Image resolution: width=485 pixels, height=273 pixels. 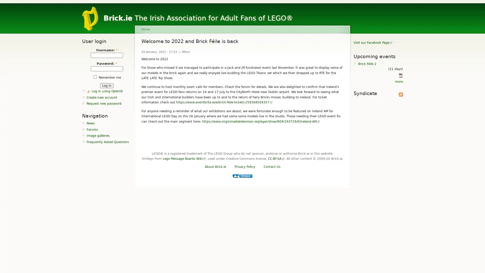 I want to click on Log in, so click(x=106, y=85).